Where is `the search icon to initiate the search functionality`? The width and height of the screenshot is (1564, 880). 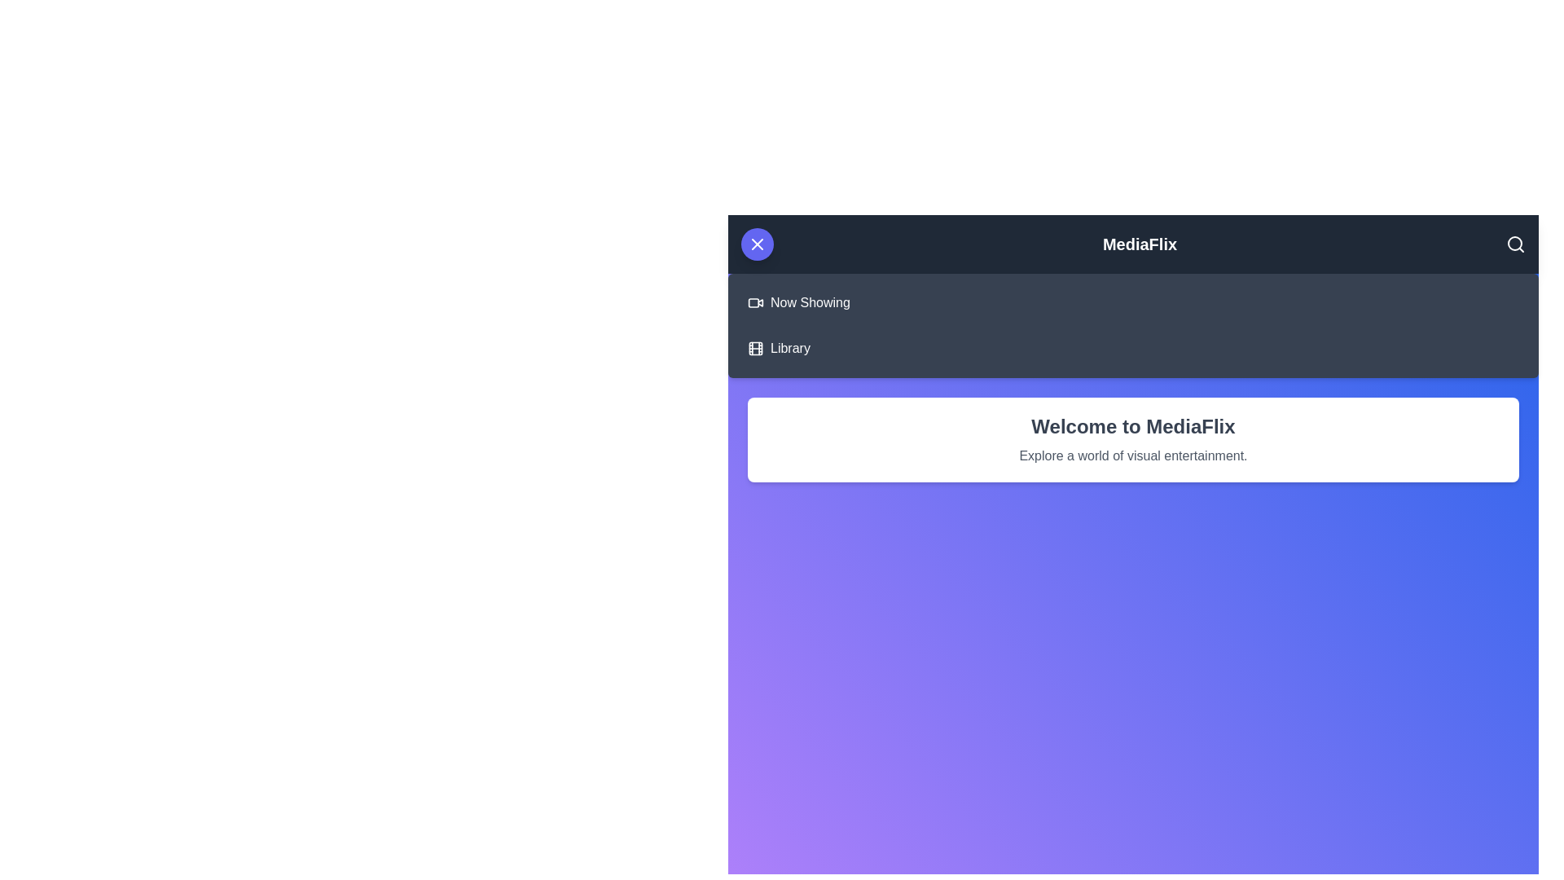
the search icon to initiate the search functionality is located at coordinates (1514, 244).